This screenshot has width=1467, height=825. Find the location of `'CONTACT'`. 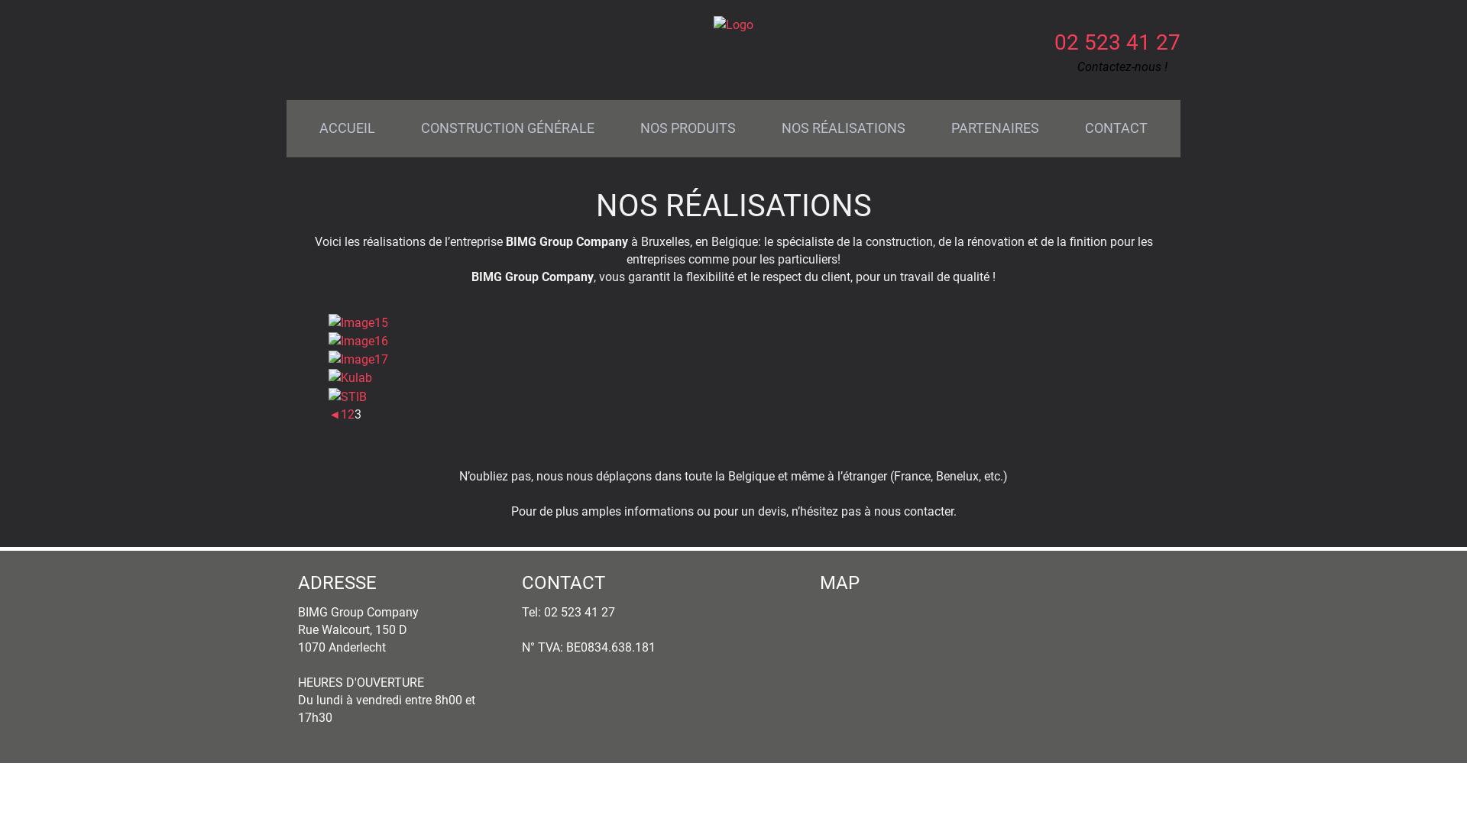

'CONTACT' is located at coordinates (1116, 128).